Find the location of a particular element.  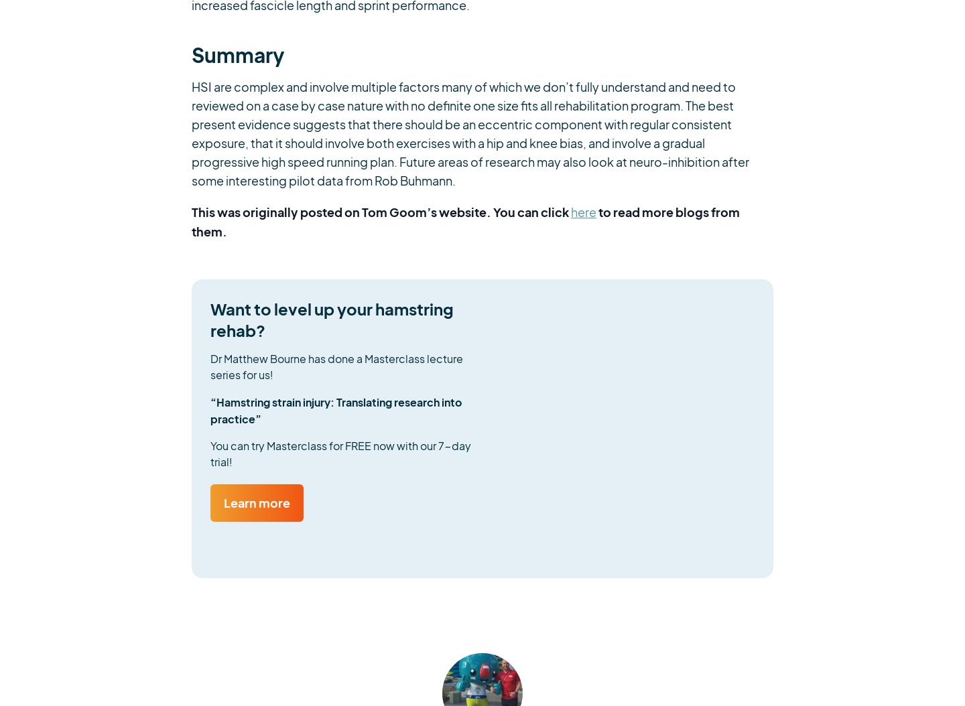

'This was originally posted on Tom Goom’s website. You can click' is located at coordinates (190, 210).